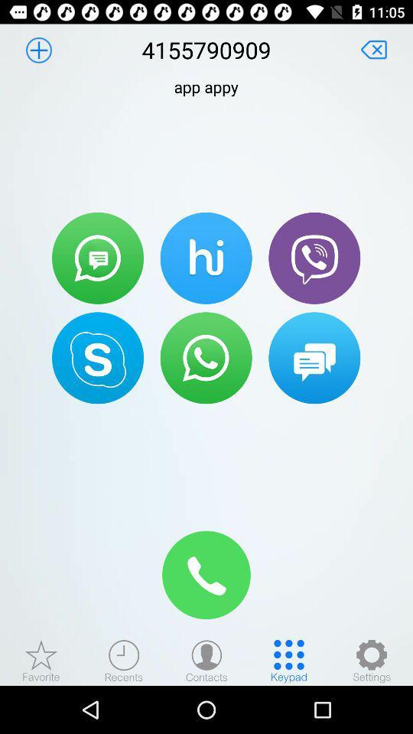  Describe the element at coordinates (206, 258) in the screenshot. I see `the circle above whatsapp` at that location.